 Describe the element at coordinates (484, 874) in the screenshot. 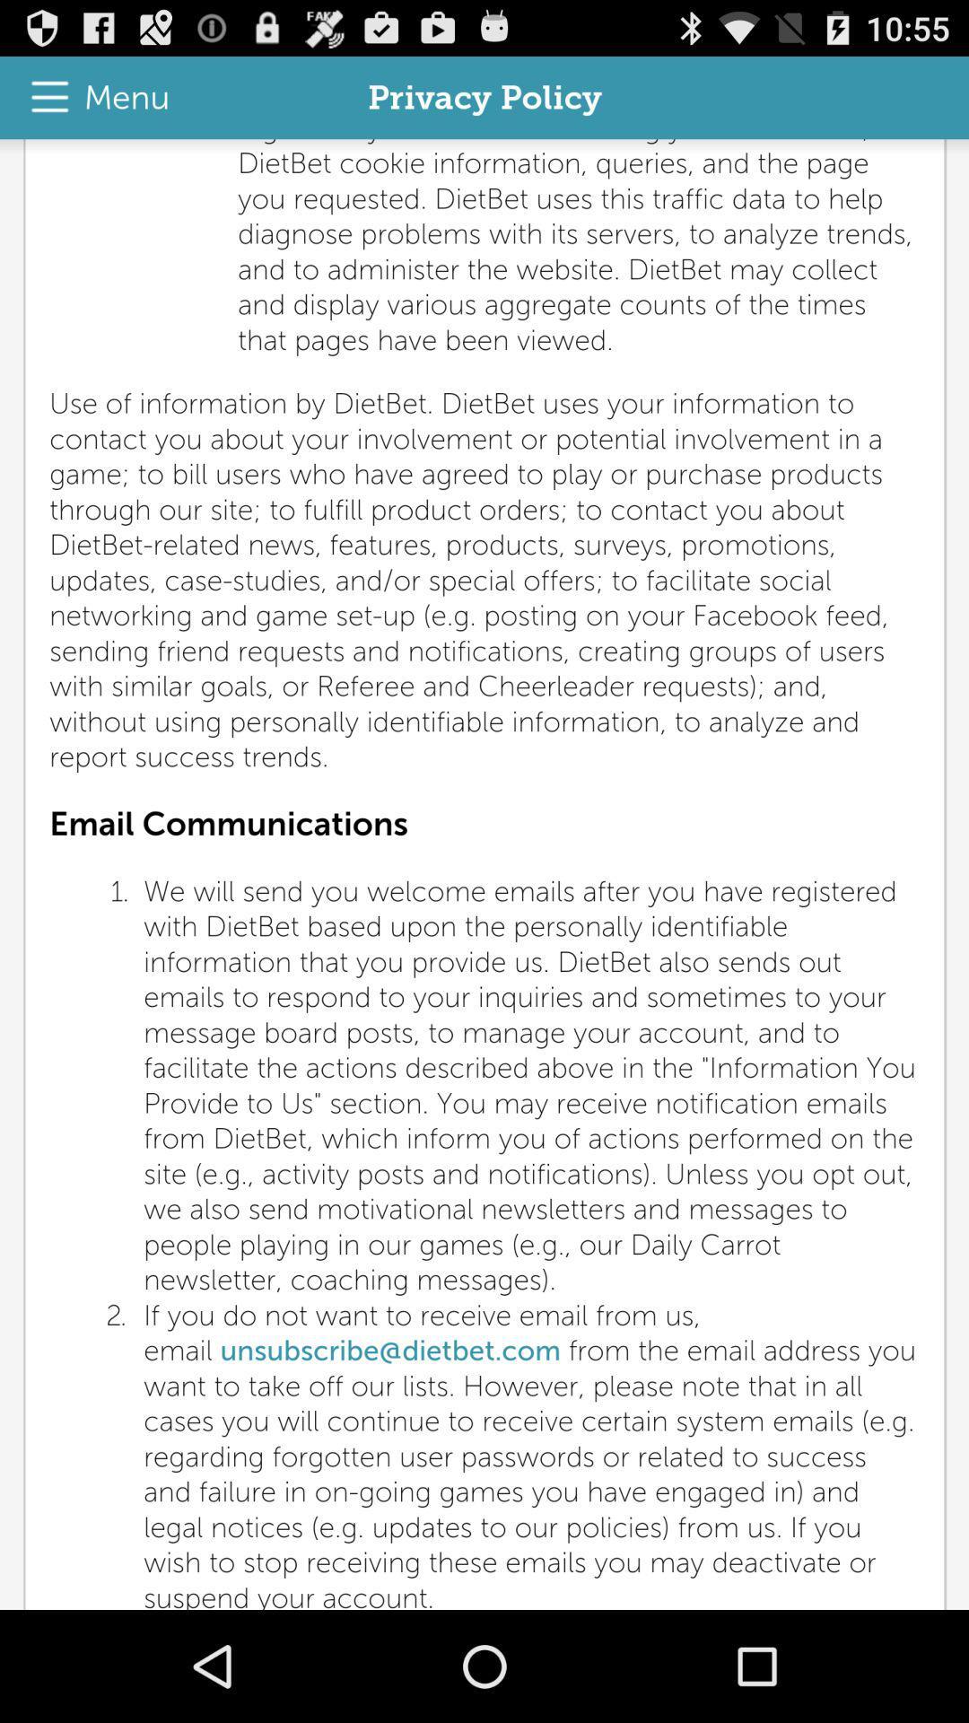

I see `the app below the menu item` at that location.